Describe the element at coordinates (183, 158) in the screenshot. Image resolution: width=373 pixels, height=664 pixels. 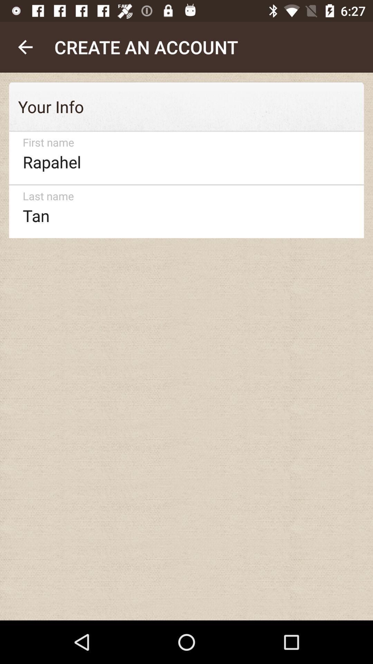
I see `the rapahel item` at that location.